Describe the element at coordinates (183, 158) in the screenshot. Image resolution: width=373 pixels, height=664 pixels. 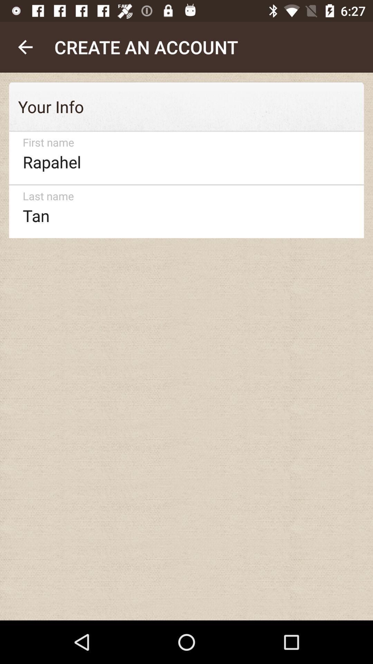
I see `the rapahel item` at that location.